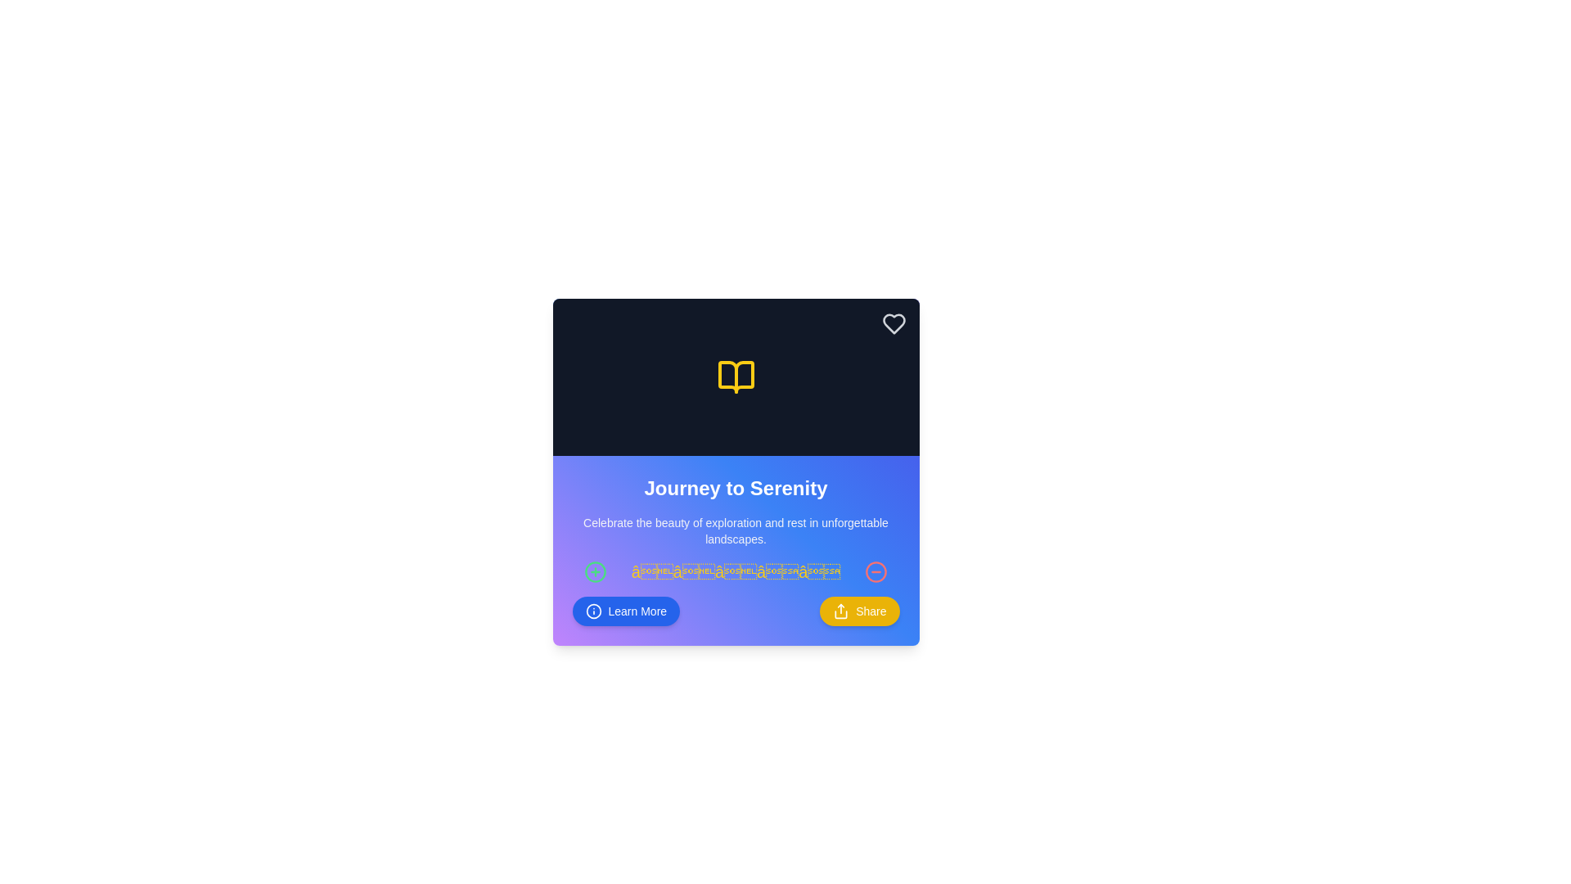 Image resolution: width=1571 pixels, height=884 pixels. Describe the element at coordinates (735, 377) in the screenshot. I see `the decorative knowledge icon located in the center of the dark navy-blue banner at the top of the card` at that location.